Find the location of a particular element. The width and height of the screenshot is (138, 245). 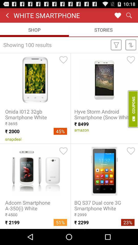

the search icon is located at coordinates (129, 16).